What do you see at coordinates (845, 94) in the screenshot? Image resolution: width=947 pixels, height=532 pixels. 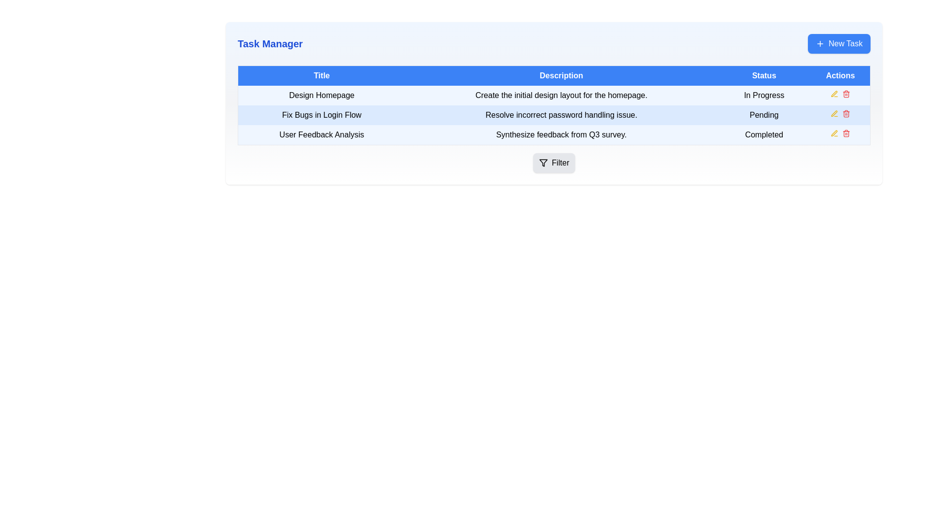 I see `the delete button (trash can icon) located in the 'Actions' column of the table for the task 'Design Homepage'` at bounding box center [845, 94].